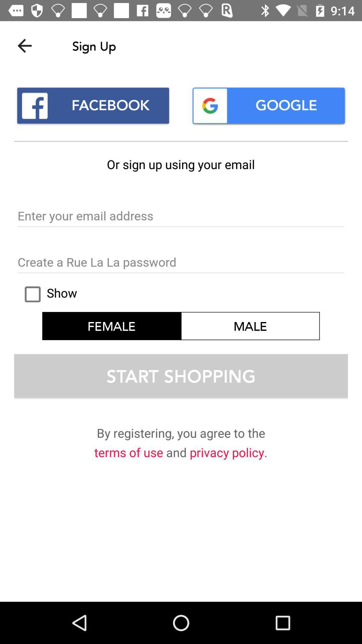 The width and height of the screenshot is (362, 644). I want to click on password box, so click(181, 262).